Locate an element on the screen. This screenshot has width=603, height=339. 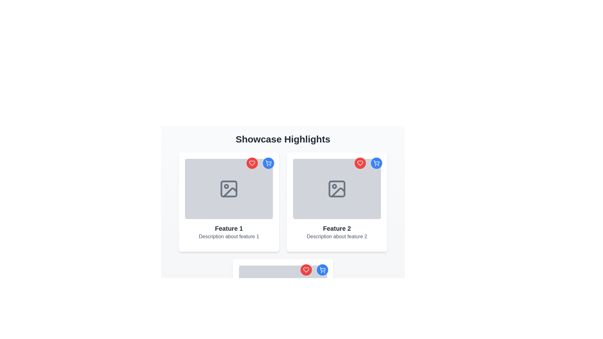
the favorite button located in the top-right corner of the second feature card to mark the associated item as a favorite is located at coordinates (360, 163).